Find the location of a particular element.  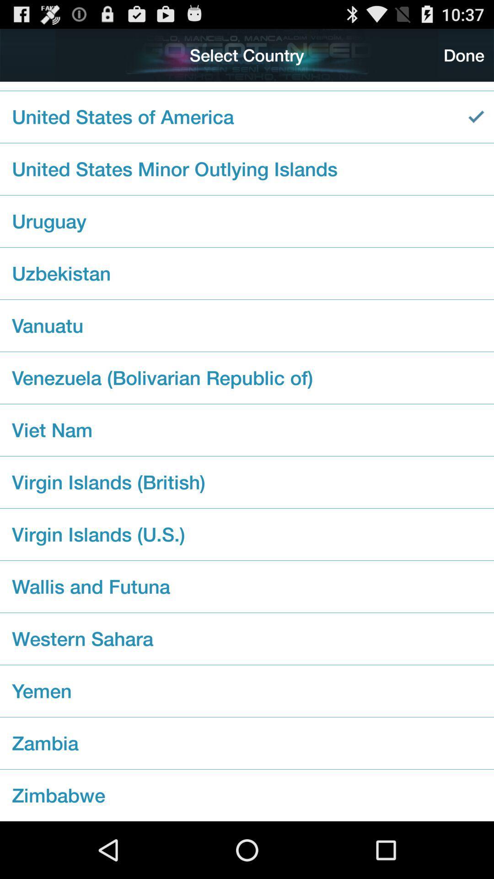

the vanuatu is located at coordinates (247, 326).